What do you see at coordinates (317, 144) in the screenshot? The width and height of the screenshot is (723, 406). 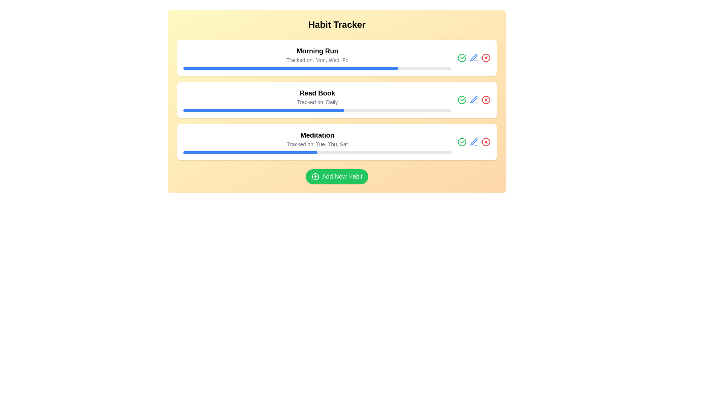 I see `the static text label indicating the specific days associated with tracking the 'Meditation' habit, which is positioned below the title 'Meditation' and above the progress bar` at bounding box center [317, 144].